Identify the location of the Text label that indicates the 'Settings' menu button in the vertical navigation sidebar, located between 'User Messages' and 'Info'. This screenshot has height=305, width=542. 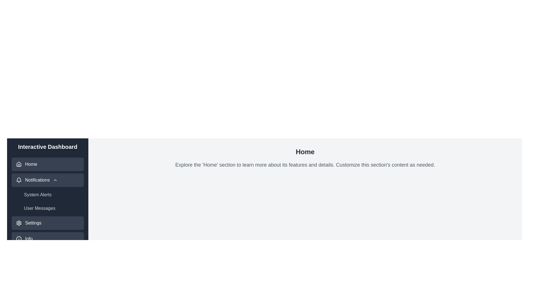
(33, 223).